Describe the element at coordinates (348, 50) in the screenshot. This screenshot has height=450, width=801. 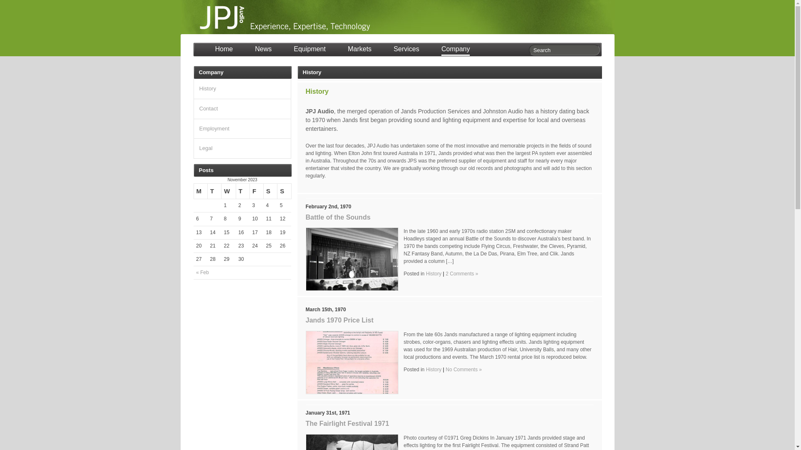
I see `'Markets'` at that location.